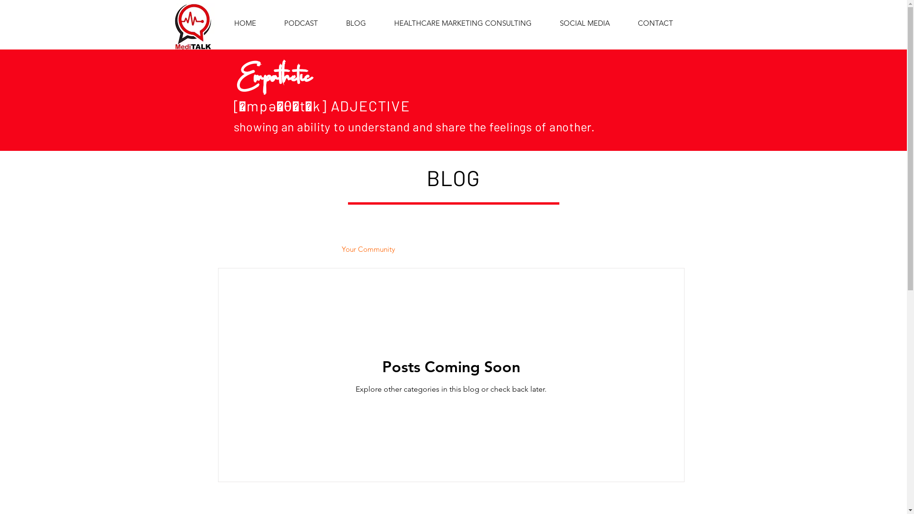 The height and width of the screenshot is (514, 914). What do you see at coordinates (297, 248) in the screenshot?
I see `'Getting Started'` at bounding box center [297, 248].